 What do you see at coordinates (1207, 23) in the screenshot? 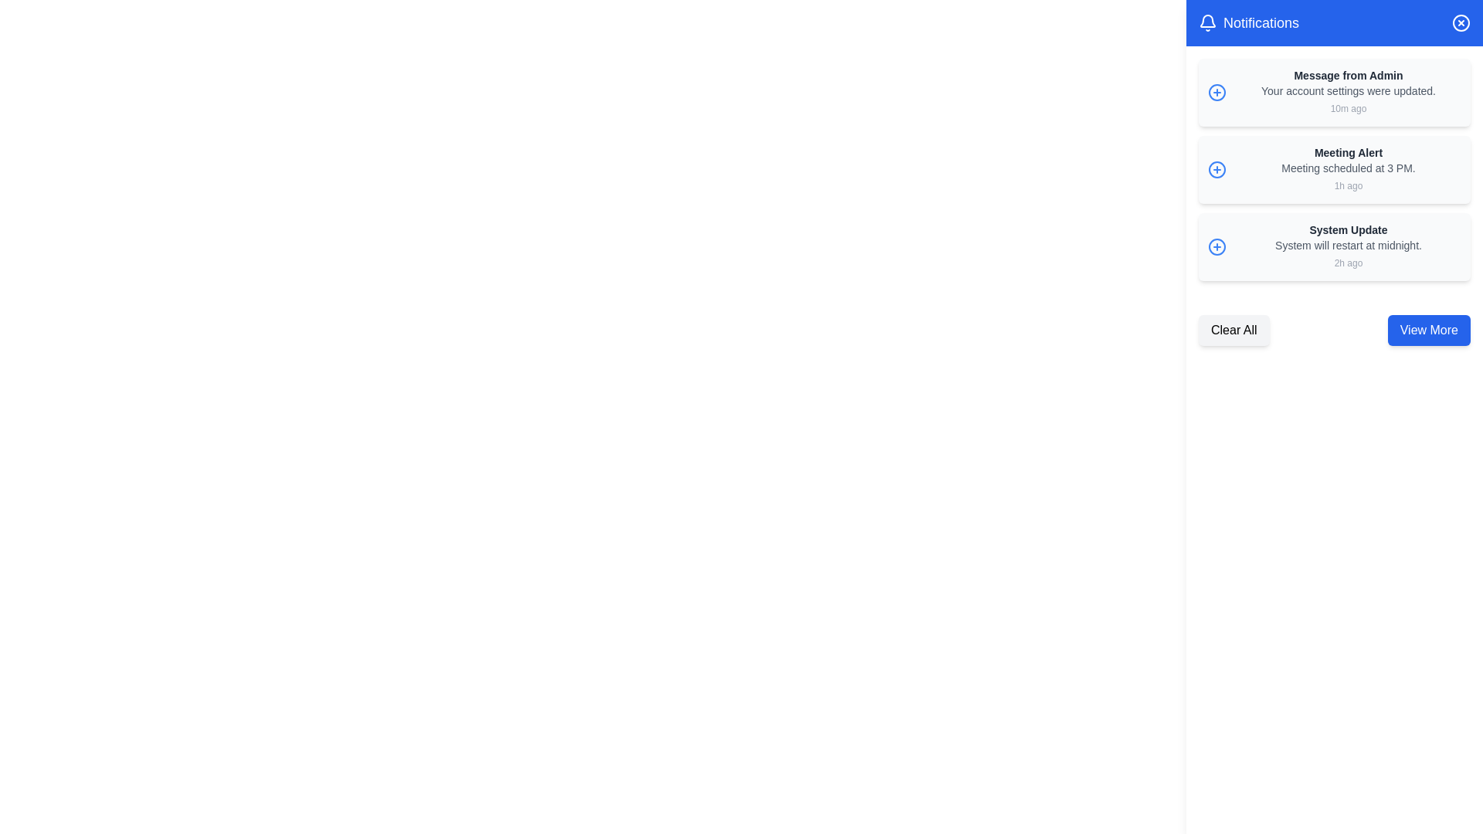
I see `the notification bell icon located at the top-left corner of the blue header bar in the notification panel, which represents notifications` at bounding box center [1207, 23].